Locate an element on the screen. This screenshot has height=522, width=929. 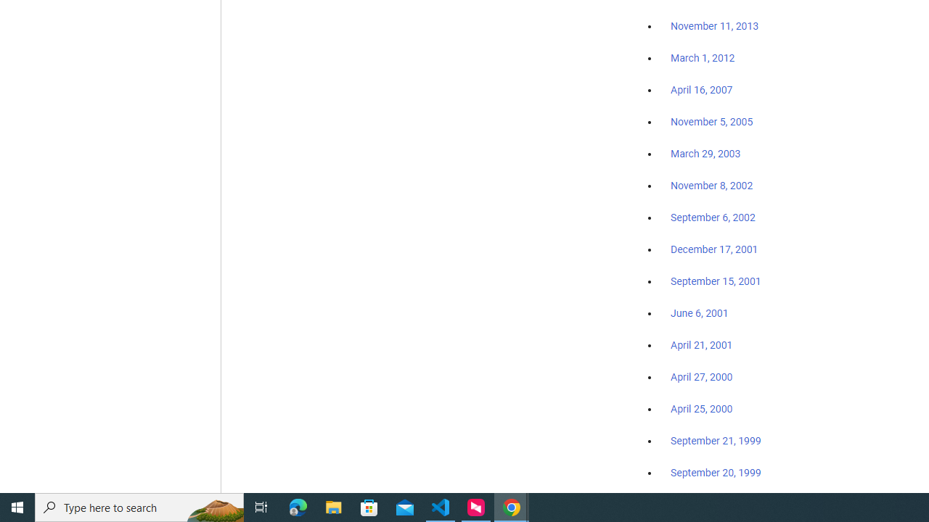
'November 11, 2013' is located at coordinates (714, 27).